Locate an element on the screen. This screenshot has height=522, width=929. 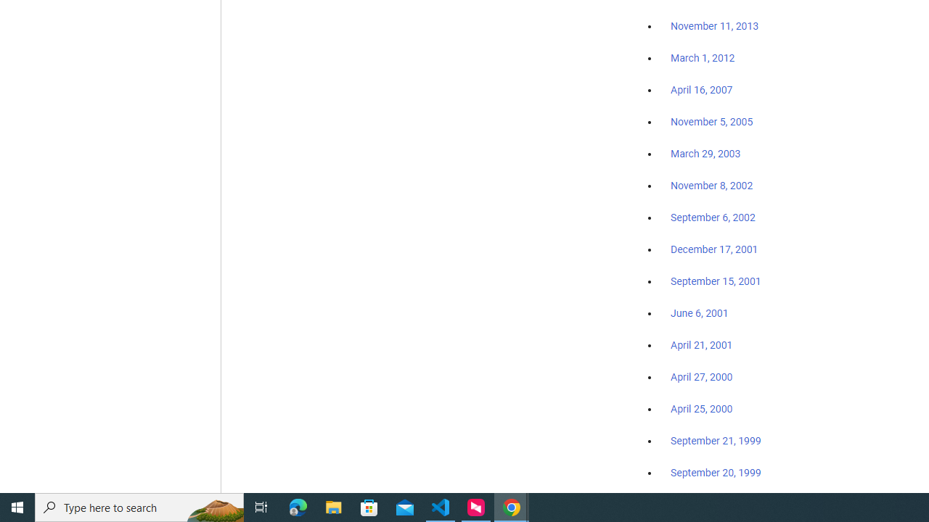
'November 11, 2013' is located at coordinates (714, 27).